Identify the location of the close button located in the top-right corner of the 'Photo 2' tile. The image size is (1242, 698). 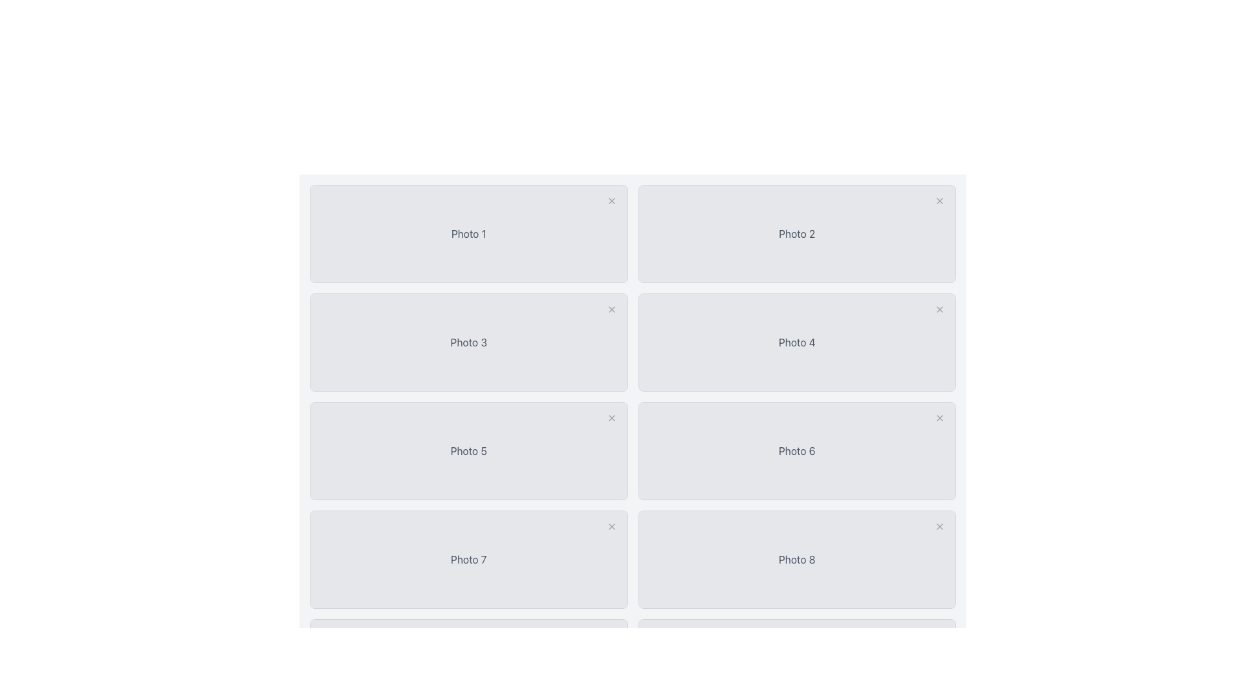
(940, 201).